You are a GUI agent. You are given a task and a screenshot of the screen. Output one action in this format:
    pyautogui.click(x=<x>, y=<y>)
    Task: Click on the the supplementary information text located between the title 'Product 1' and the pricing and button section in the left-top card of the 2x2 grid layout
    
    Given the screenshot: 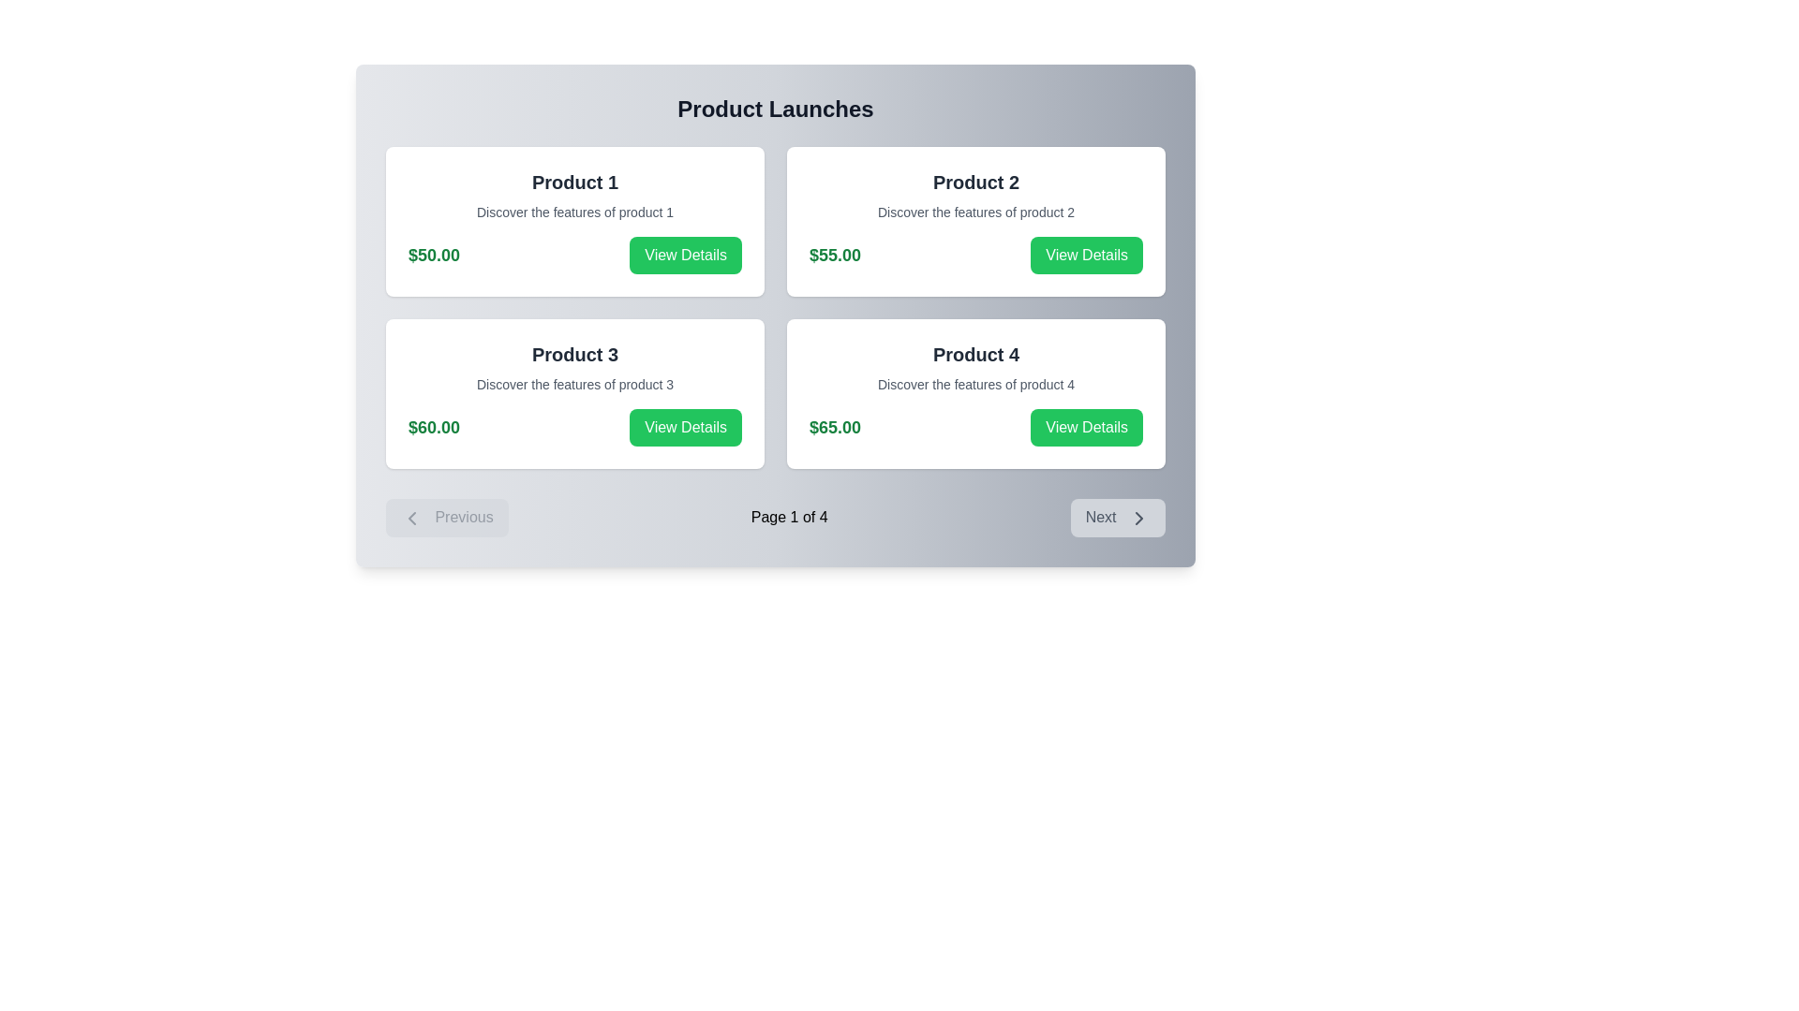 What is the action you would take?
    pyautogui.click(x=574, y=212)
    